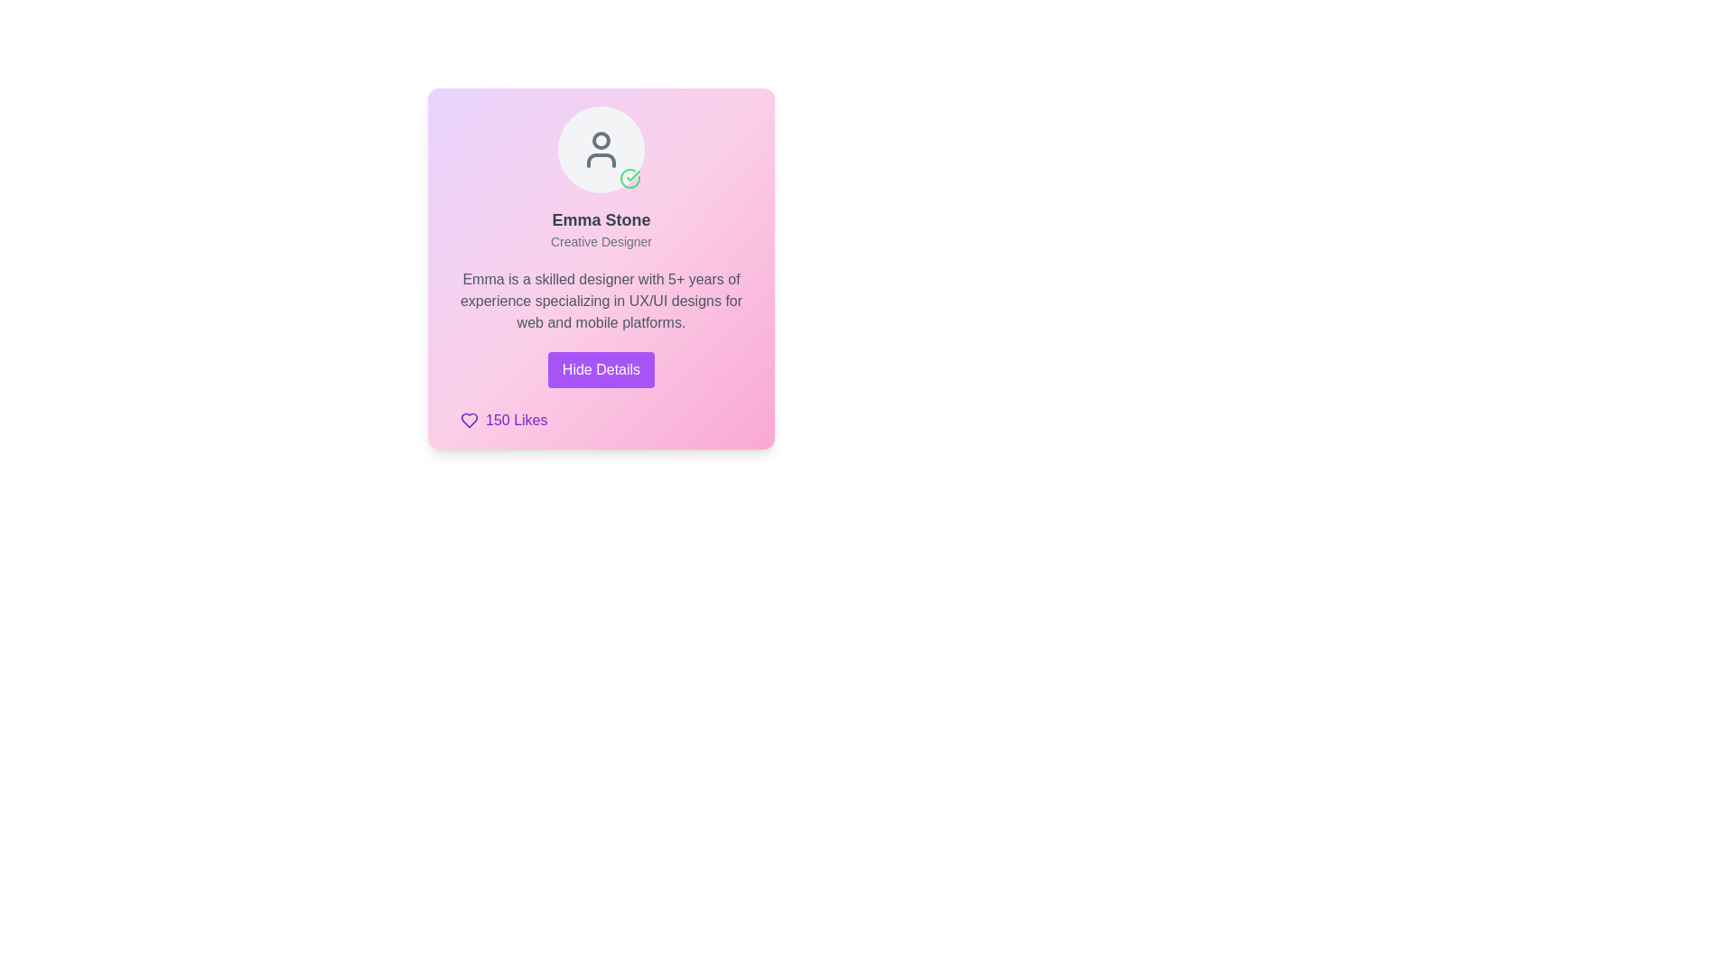 This screenshot has height=975, width=1734. What do you see at coordinates (601, 368) in the screenshot?
I see `the button located centrally within the card component below the descriptive text about Emma Stone` at bounding box center [601, 368].